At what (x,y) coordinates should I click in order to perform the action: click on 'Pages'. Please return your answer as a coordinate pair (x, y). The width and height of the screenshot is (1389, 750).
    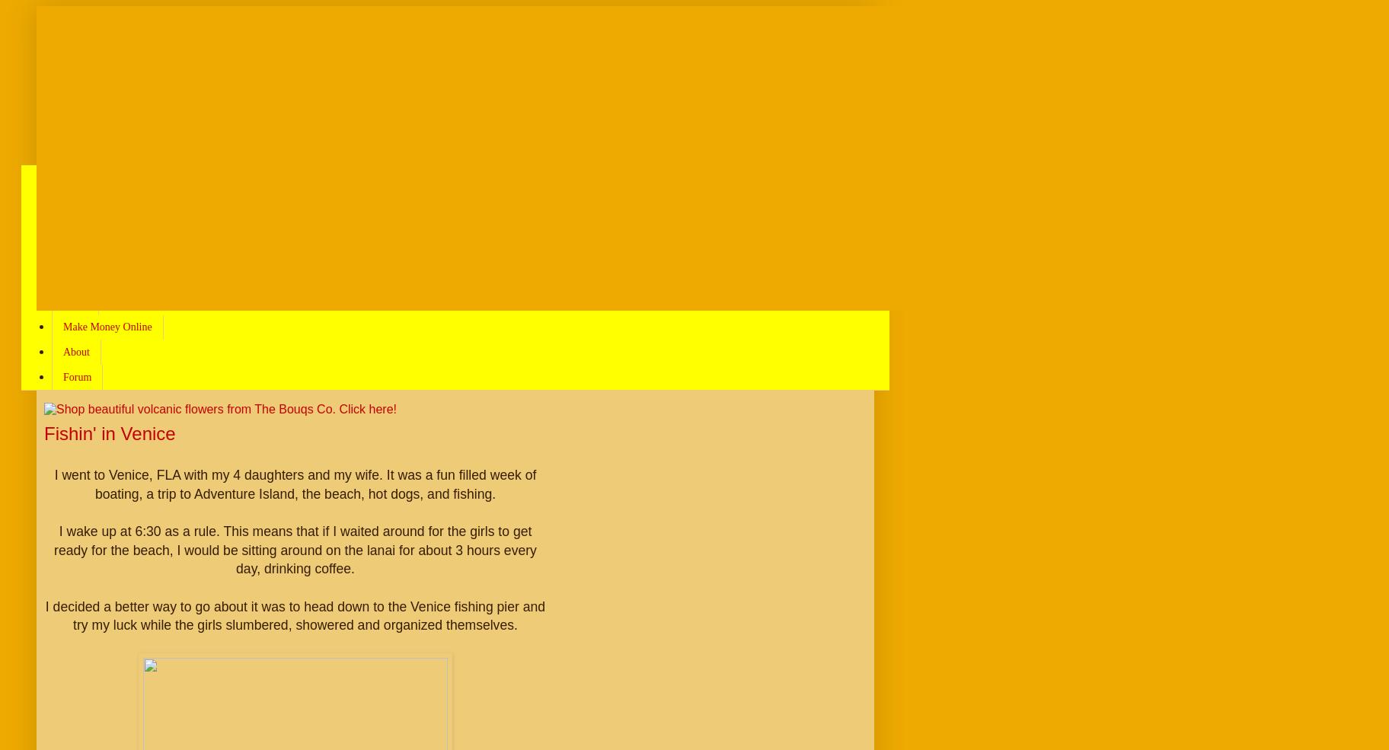
    Looking at the image, I should click on (69, 140).